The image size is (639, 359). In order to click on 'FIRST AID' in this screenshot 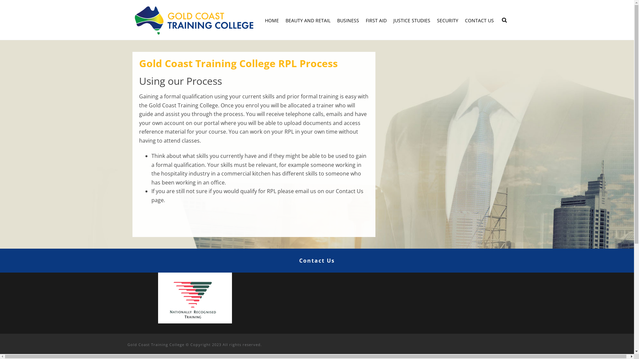, I will do `click(376, 20)`.